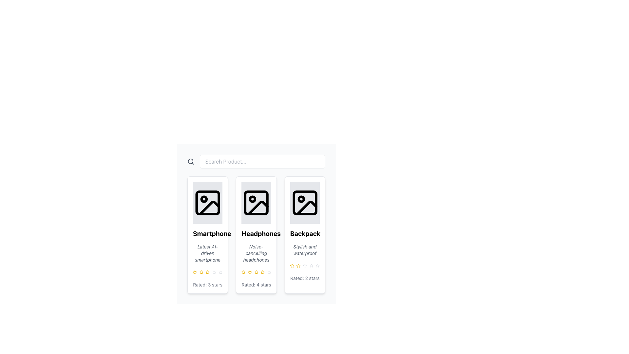 The width and height of the screenshot is (629, 354). What do you see at coordinates (201, 272) in the screenshot?
I see `the third rating star icon button representing the product rating for 'Smartphone'` at bounding box center [201, 272].